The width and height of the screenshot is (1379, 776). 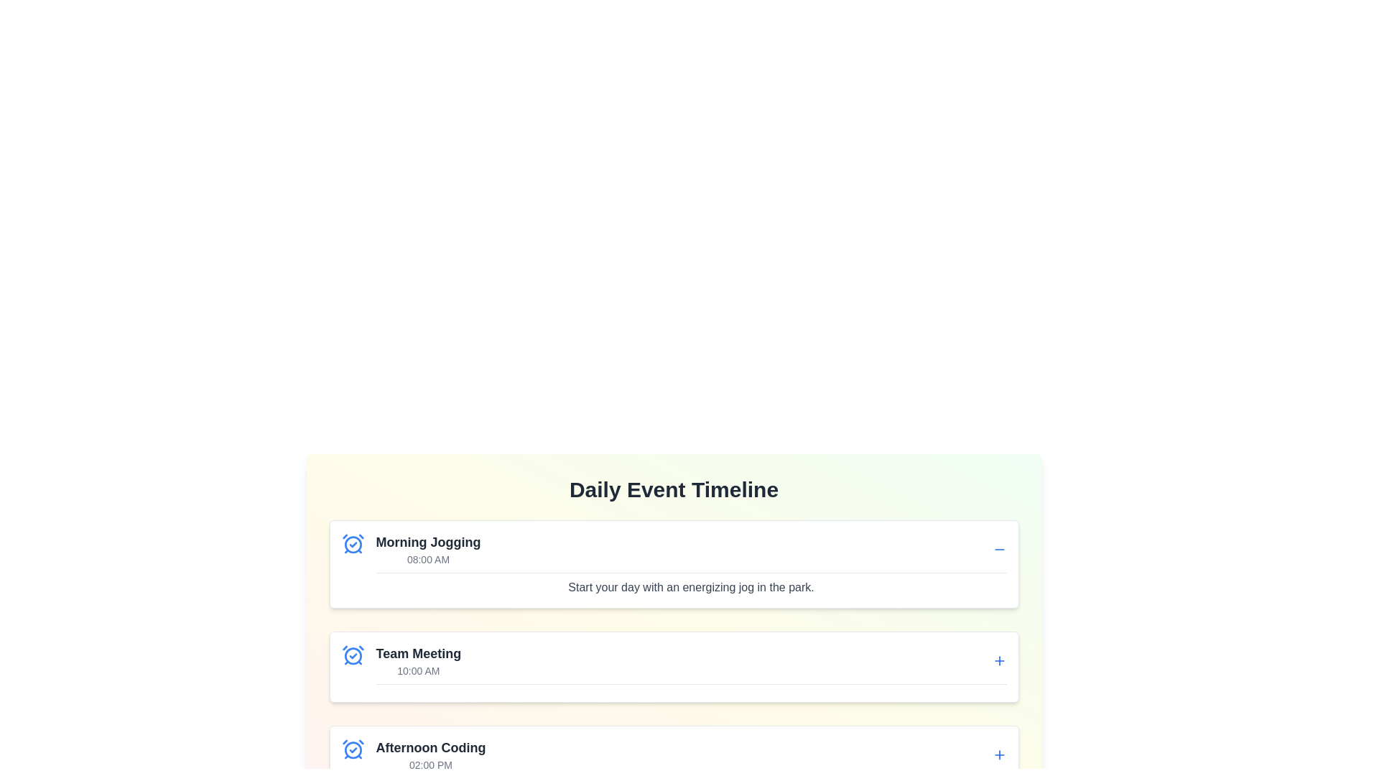 I want to click on the second Card Component in the event schedule, which displays details of a scheduled event, for additional options, so click(x=673, y=667).